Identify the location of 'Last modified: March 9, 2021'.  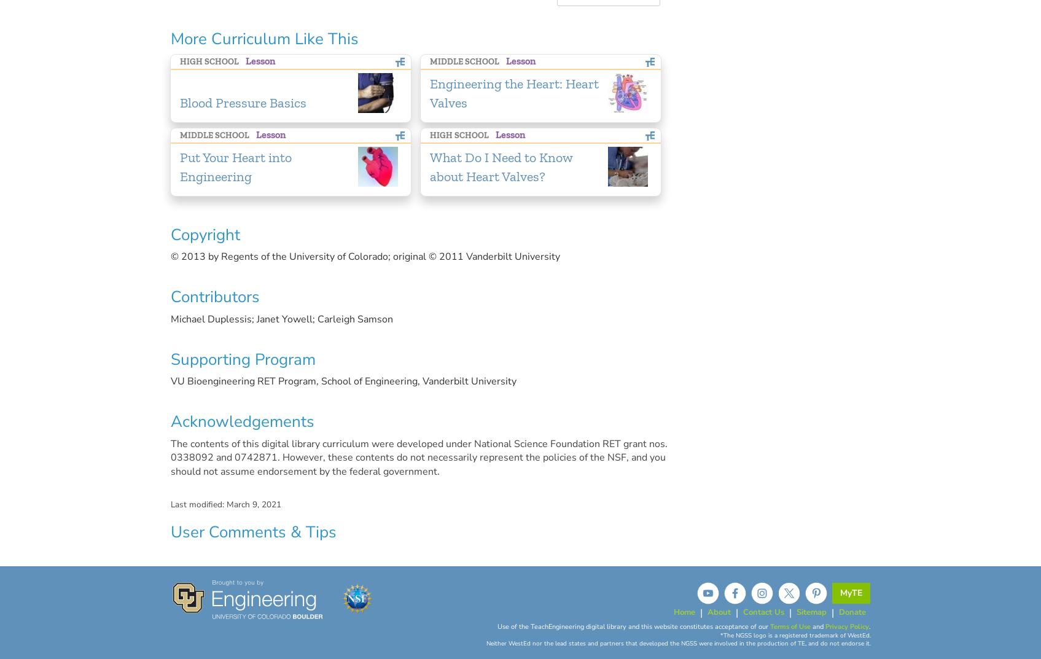
(224, 504).